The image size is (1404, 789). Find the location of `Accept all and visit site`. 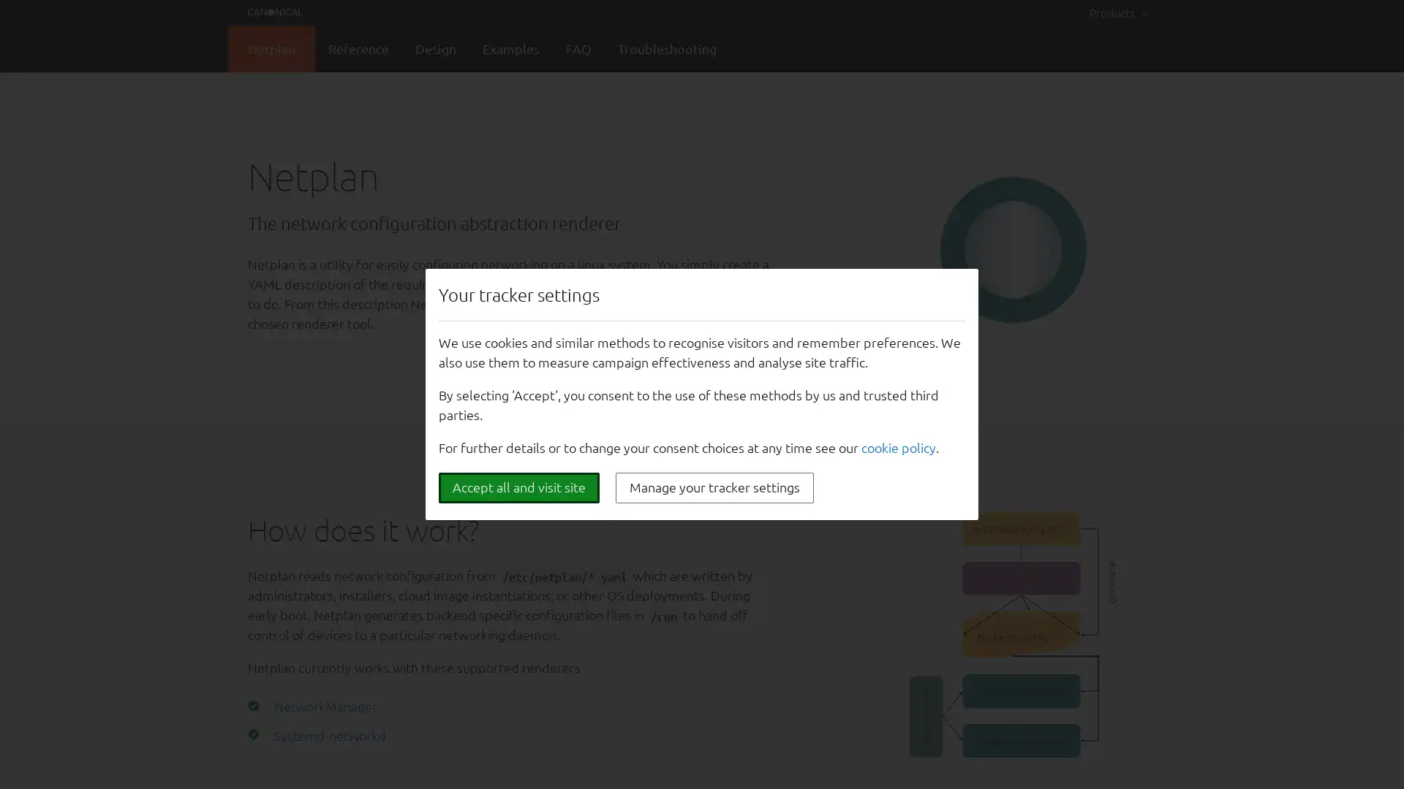

Accept all and visit site is located at coordinates (519, 487).